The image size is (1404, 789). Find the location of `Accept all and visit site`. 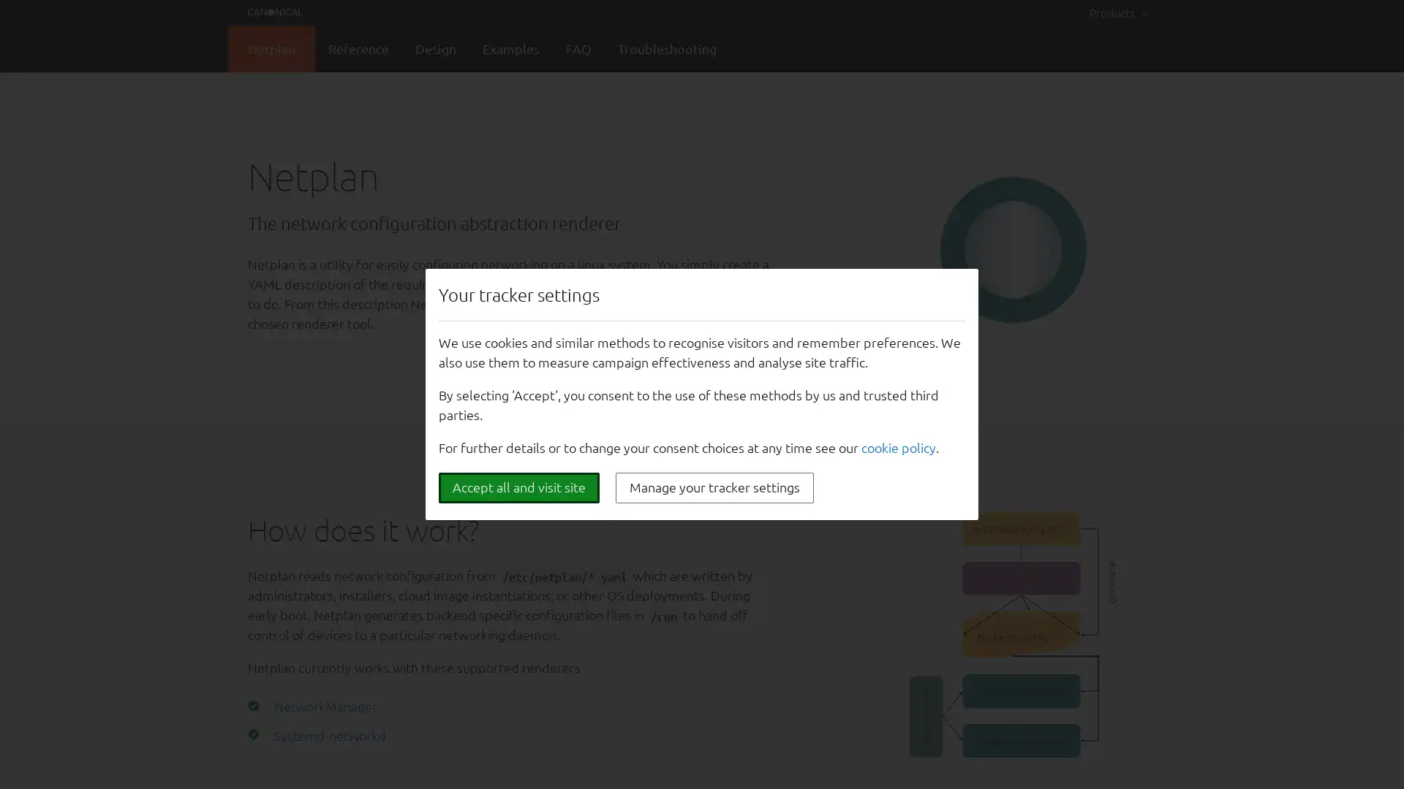

Accept all and visit site is located at coordinates (519, 487).